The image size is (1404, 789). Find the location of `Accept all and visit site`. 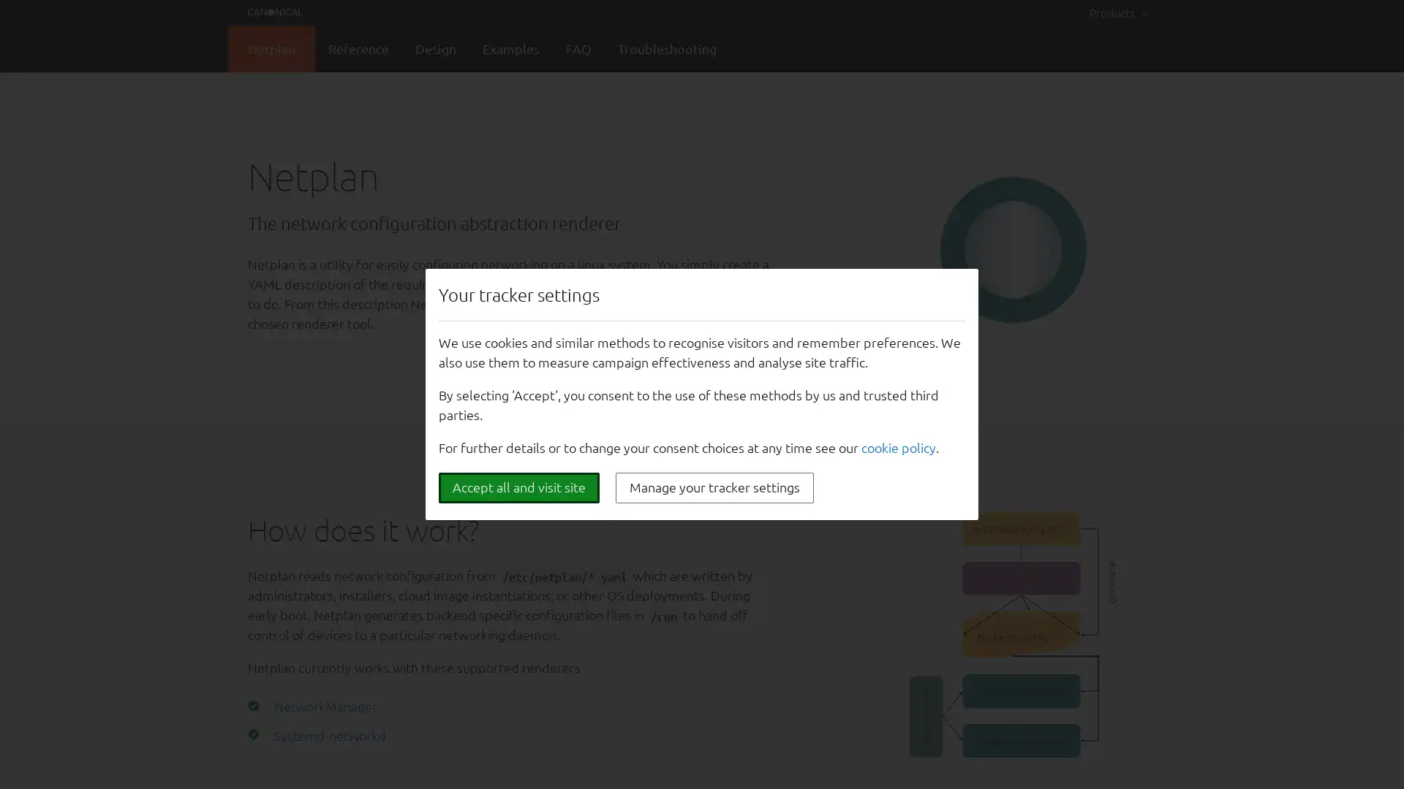

Accept all and visit site is located at coordinates (519, 487).